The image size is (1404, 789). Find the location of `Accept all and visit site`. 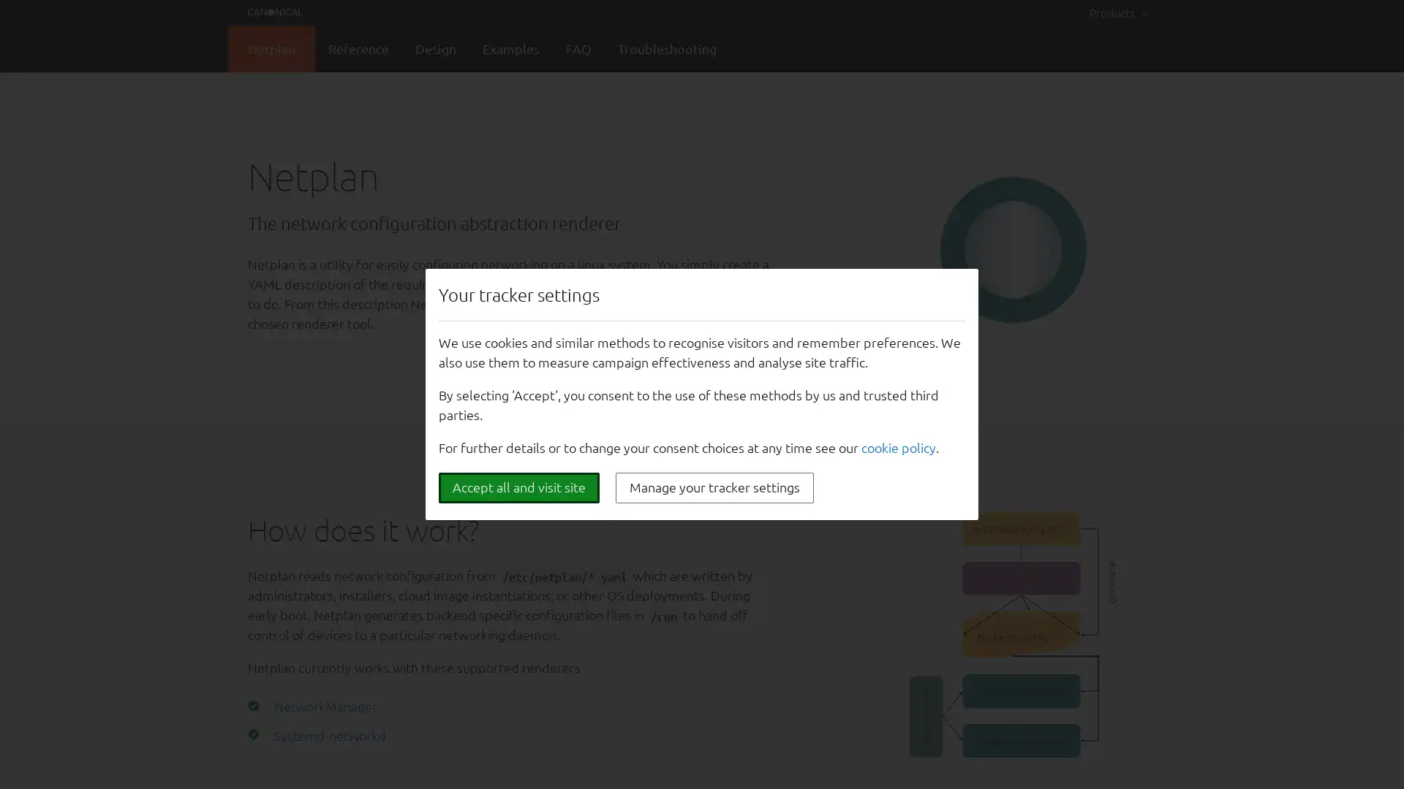

Accept all and visit site is located at coordinates (519, 487).